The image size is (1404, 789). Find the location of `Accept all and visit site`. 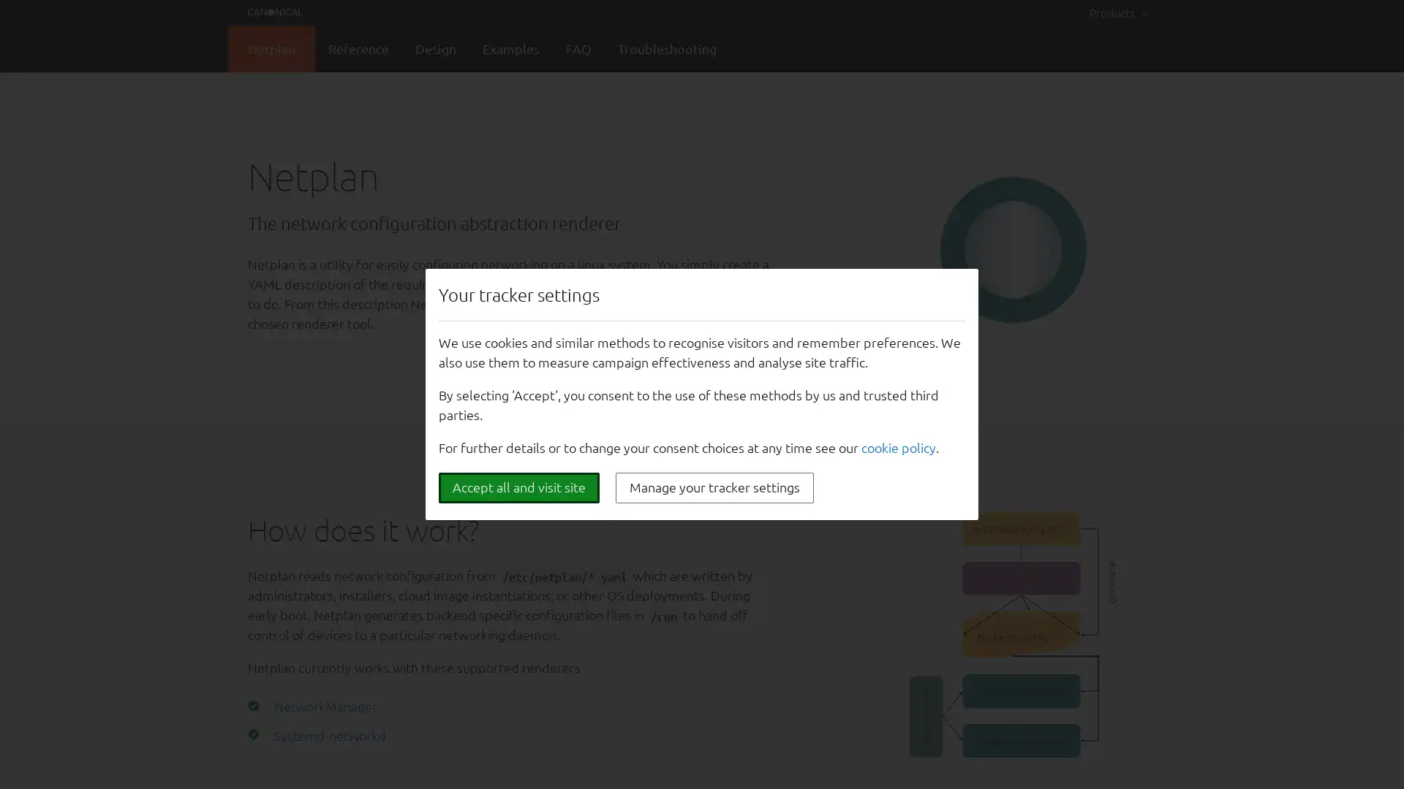

Accept all and visit site is located at coordinates (519, 487).